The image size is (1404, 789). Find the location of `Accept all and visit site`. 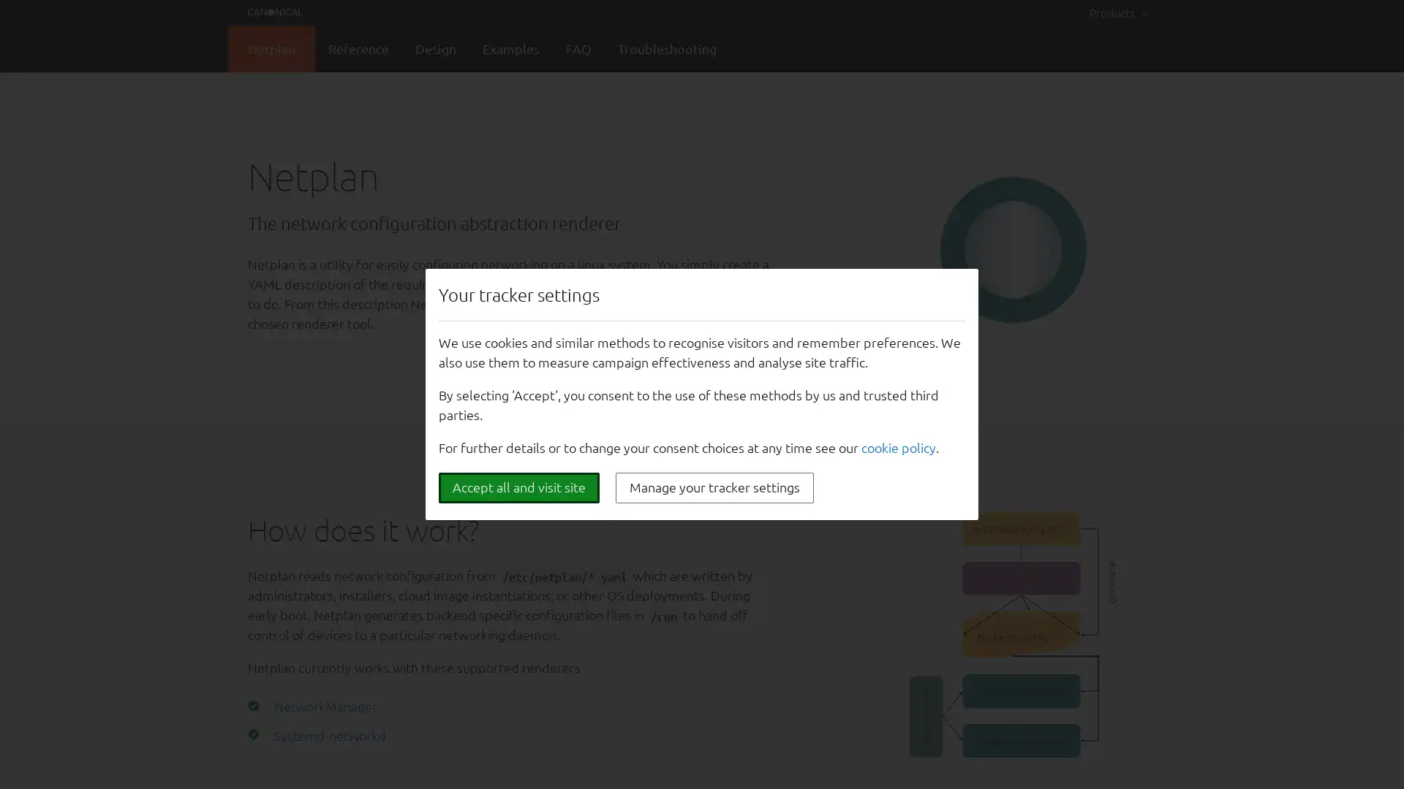

Accept all and visit site is located at coordinates (519, 487).